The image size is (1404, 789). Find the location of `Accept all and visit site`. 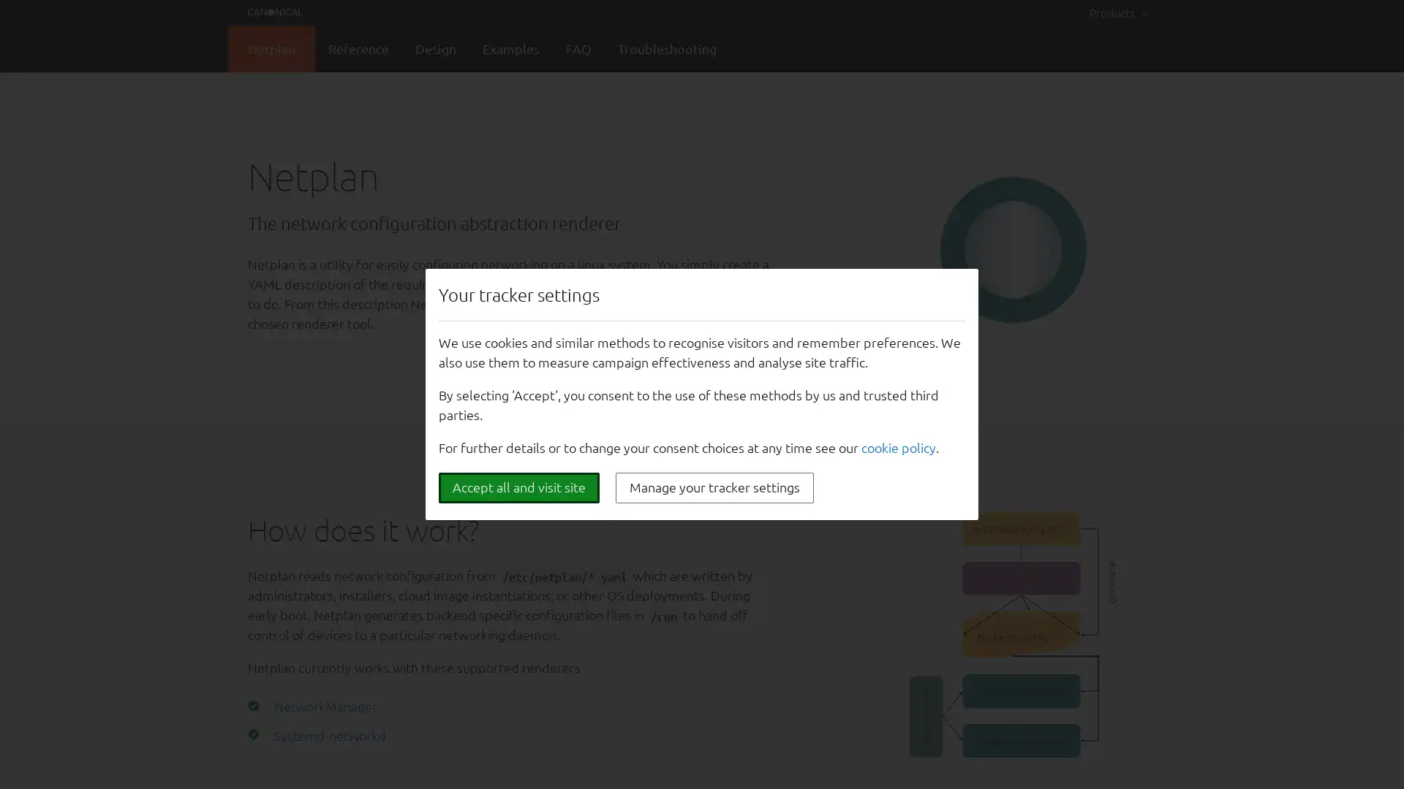

Accept all and visit site is located at coordinates (519, 487).